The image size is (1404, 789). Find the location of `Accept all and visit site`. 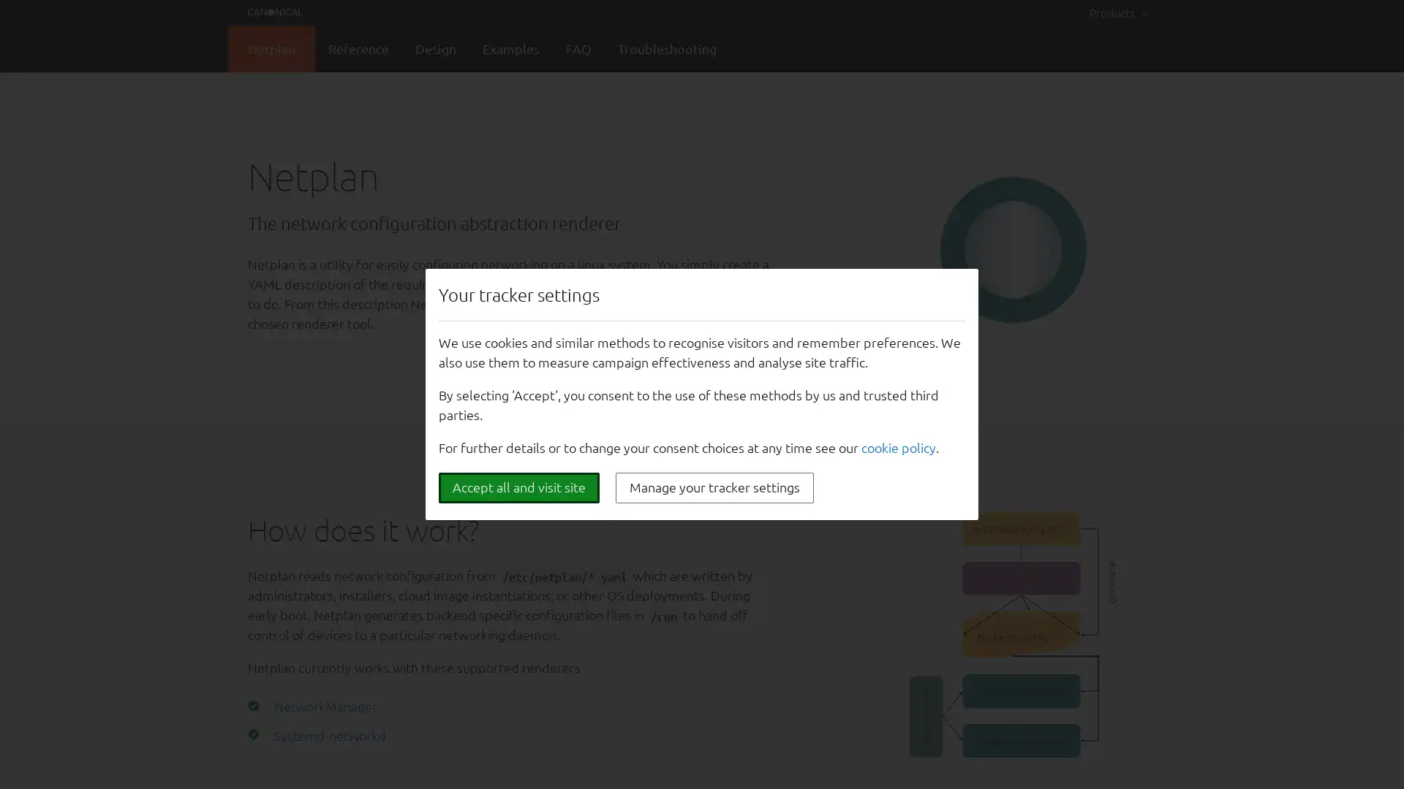

Accept all and visit site is located at coordinates (519, 487).